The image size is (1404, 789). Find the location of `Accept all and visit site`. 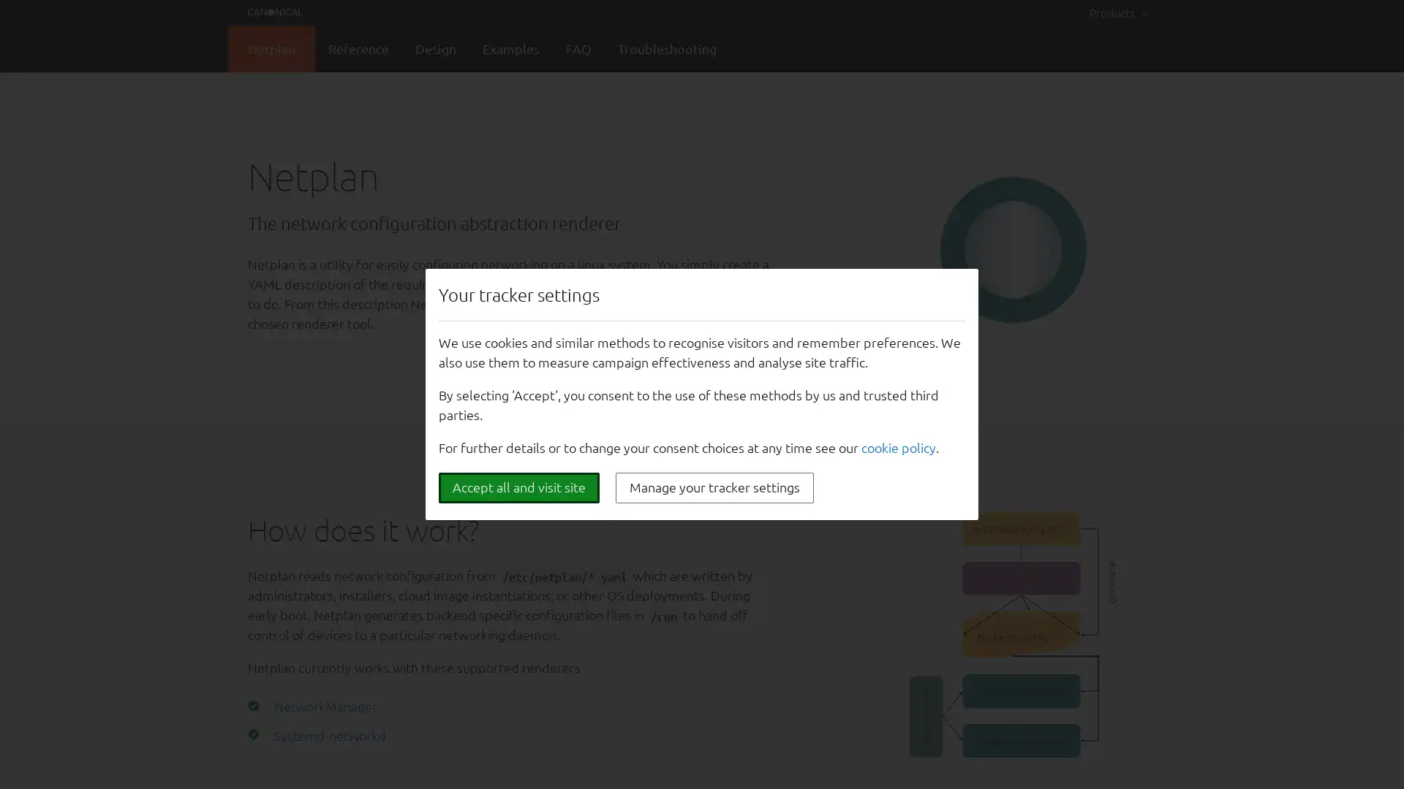

Accept all and visit site is located at coordinates (519, 487).